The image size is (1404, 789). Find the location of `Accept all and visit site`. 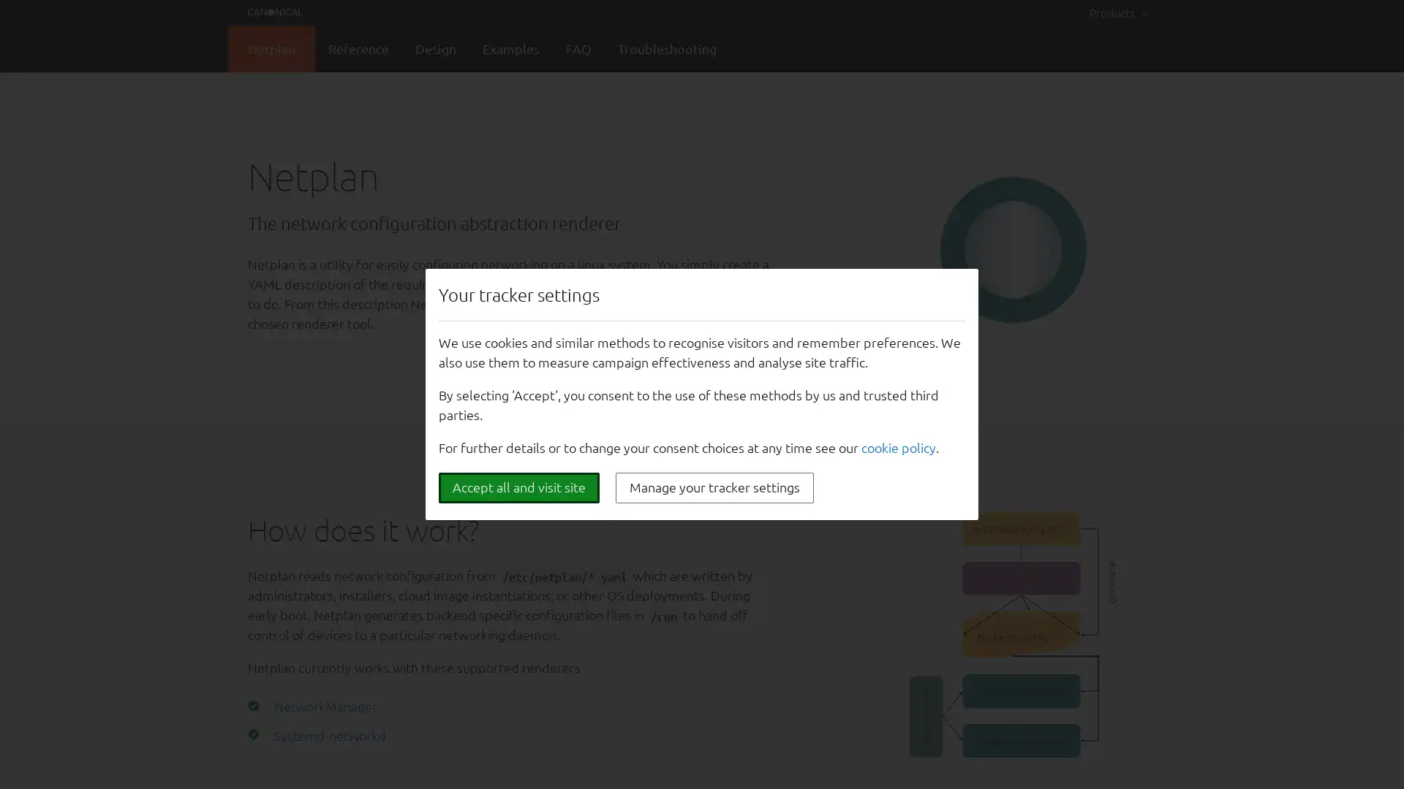

Accept all and visit site is located at coordinates (519, 487).